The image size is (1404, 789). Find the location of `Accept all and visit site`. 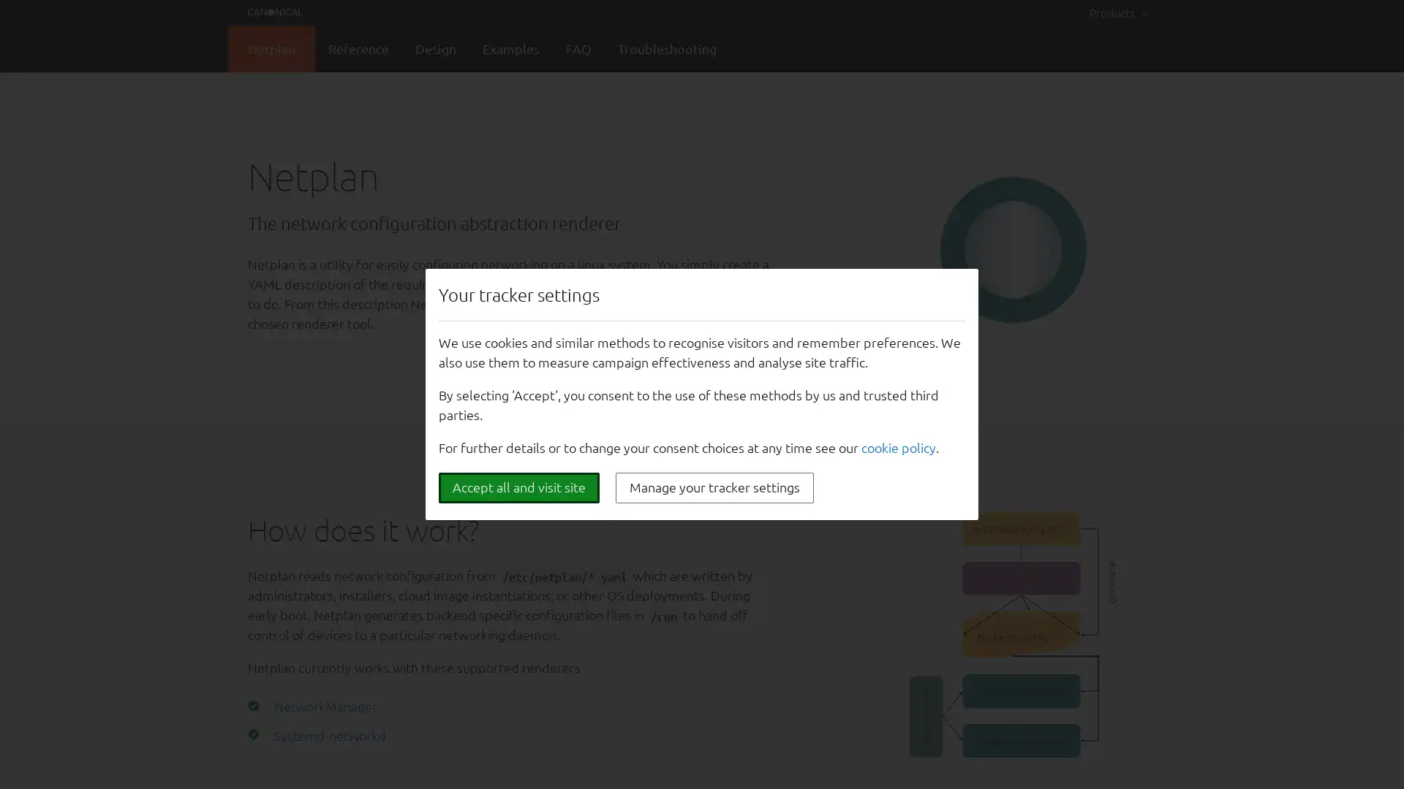

Accept all and visit site is located at coordinates (519, 487).